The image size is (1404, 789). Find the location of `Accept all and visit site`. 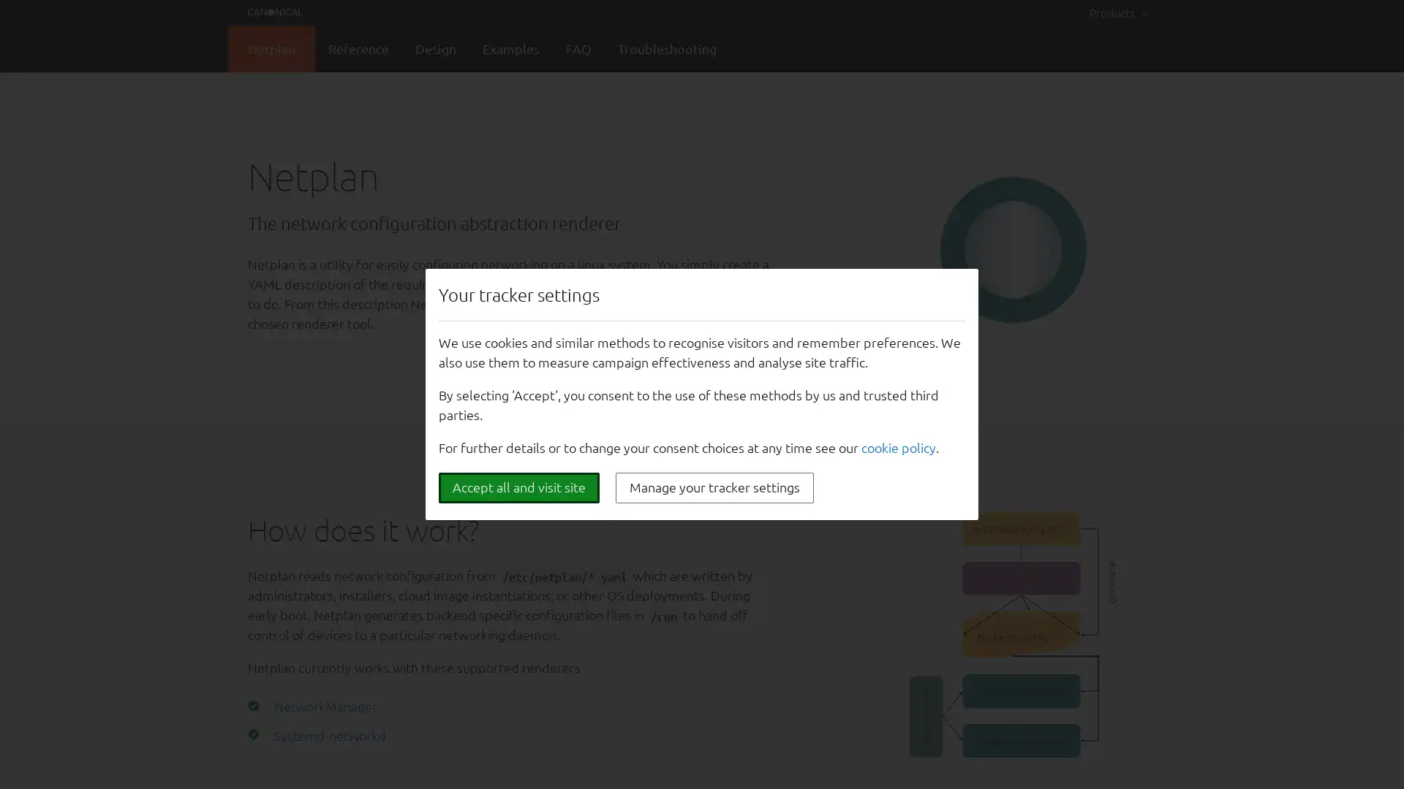

Accept all and visit site is located at coordinates (519, 487).